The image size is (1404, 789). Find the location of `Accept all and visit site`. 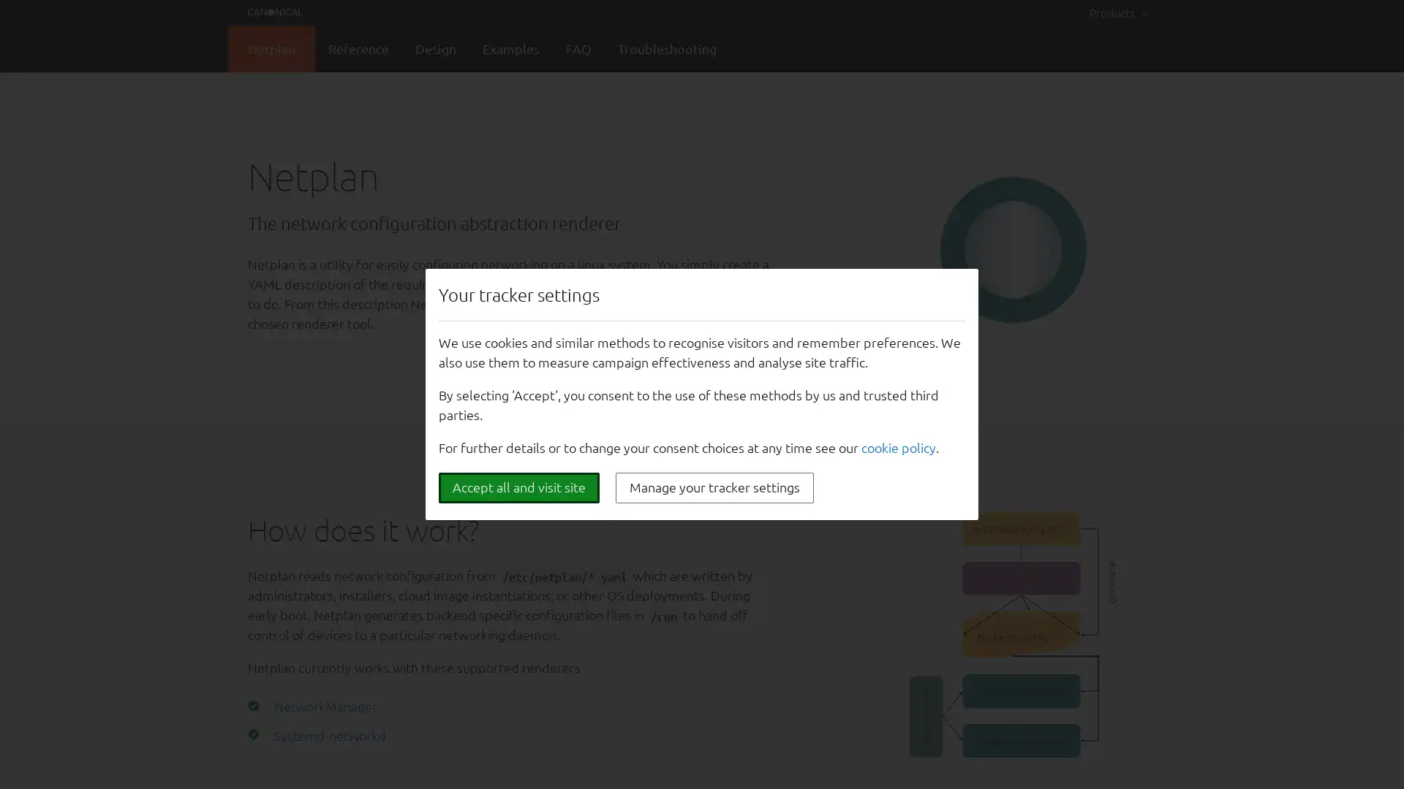

Accept all and visit site is located at coordinates (519, 487).